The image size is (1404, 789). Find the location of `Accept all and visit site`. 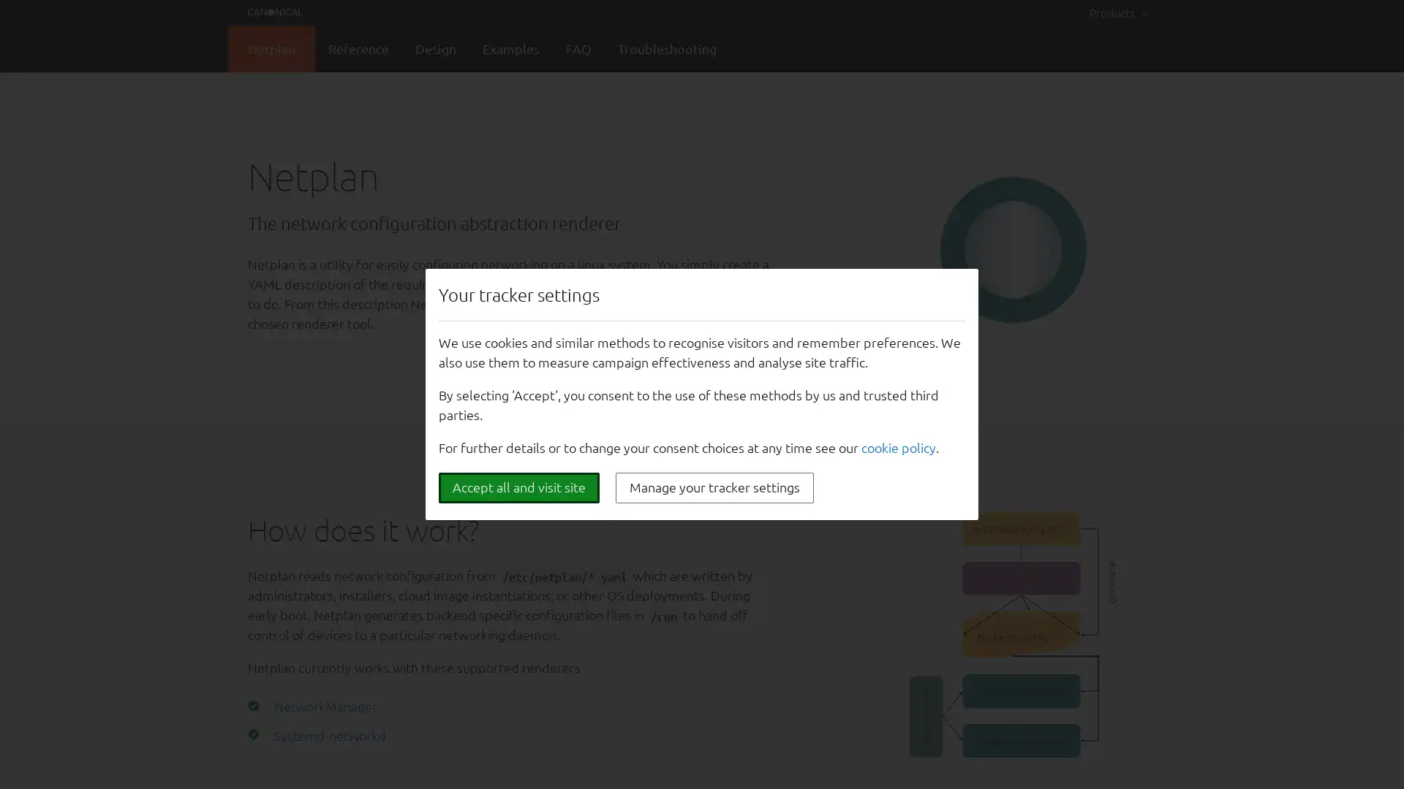

Accept all and visit site is located at coordinates (519, 487).